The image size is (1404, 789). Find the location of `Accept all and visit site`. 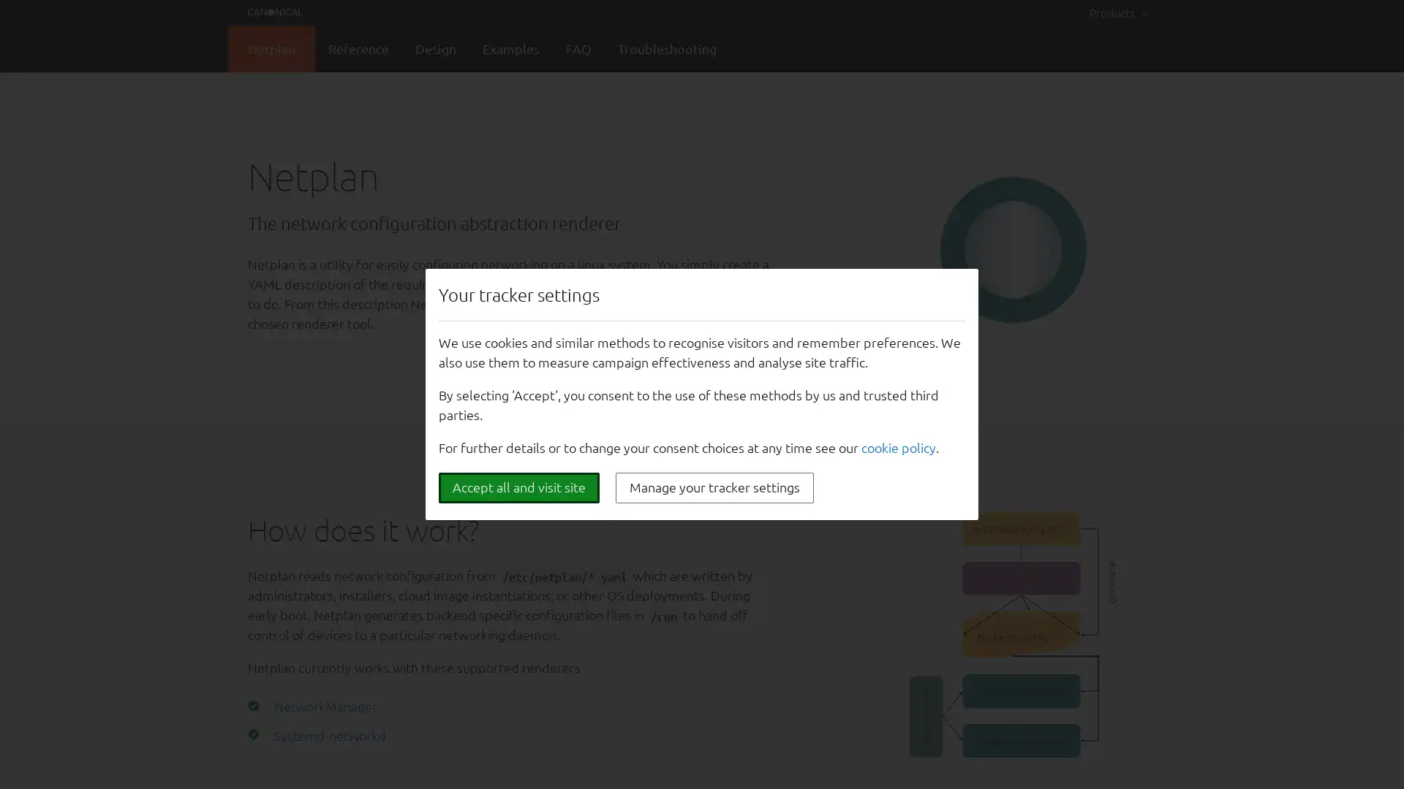

Accept all and visit site is located at coordinates (519, 487).